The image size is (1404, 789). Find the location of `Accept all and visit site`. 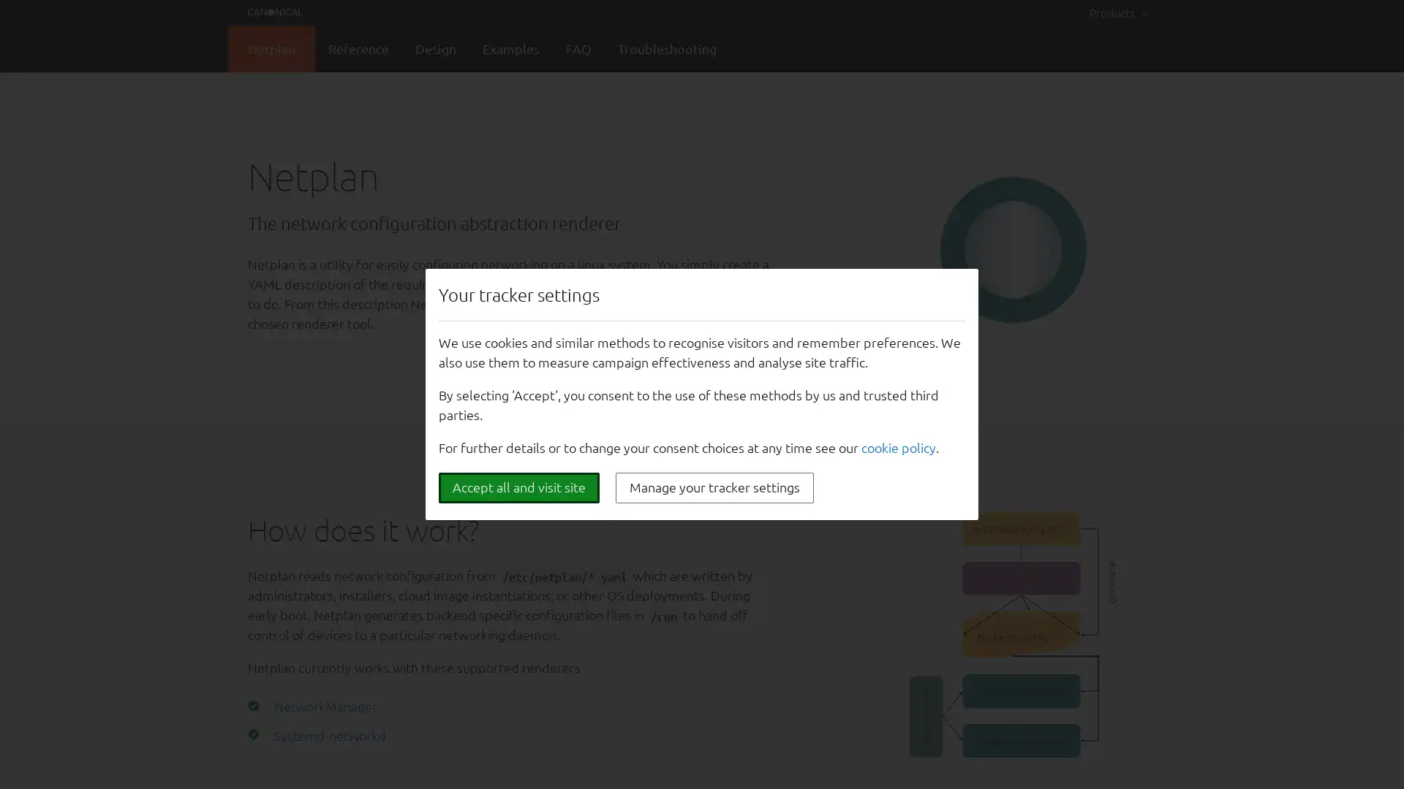

Accept all and visit site is located at coordinates (519, 487).